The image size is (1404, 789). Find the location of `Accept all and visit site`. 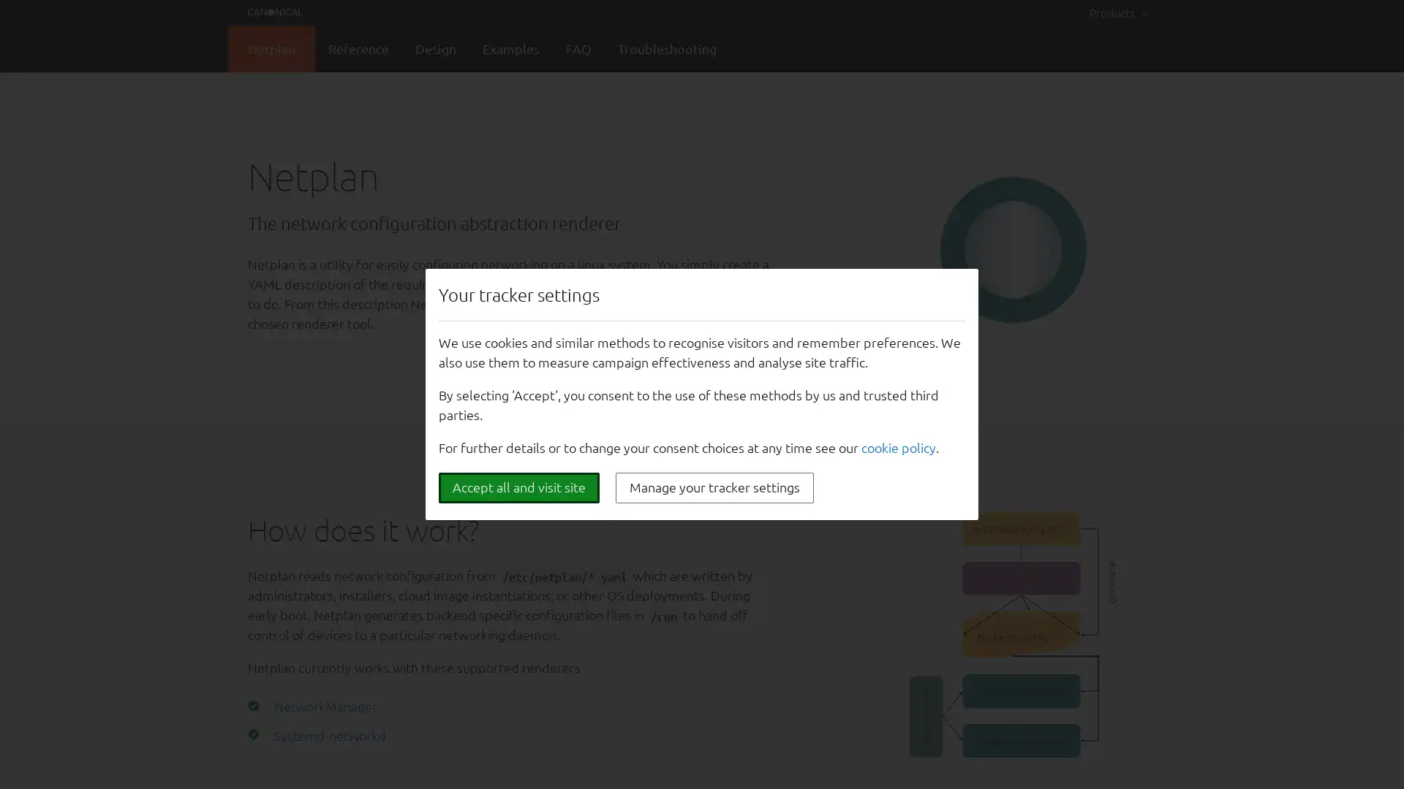

Accept all and visit site is located at coordinates (519, 487).